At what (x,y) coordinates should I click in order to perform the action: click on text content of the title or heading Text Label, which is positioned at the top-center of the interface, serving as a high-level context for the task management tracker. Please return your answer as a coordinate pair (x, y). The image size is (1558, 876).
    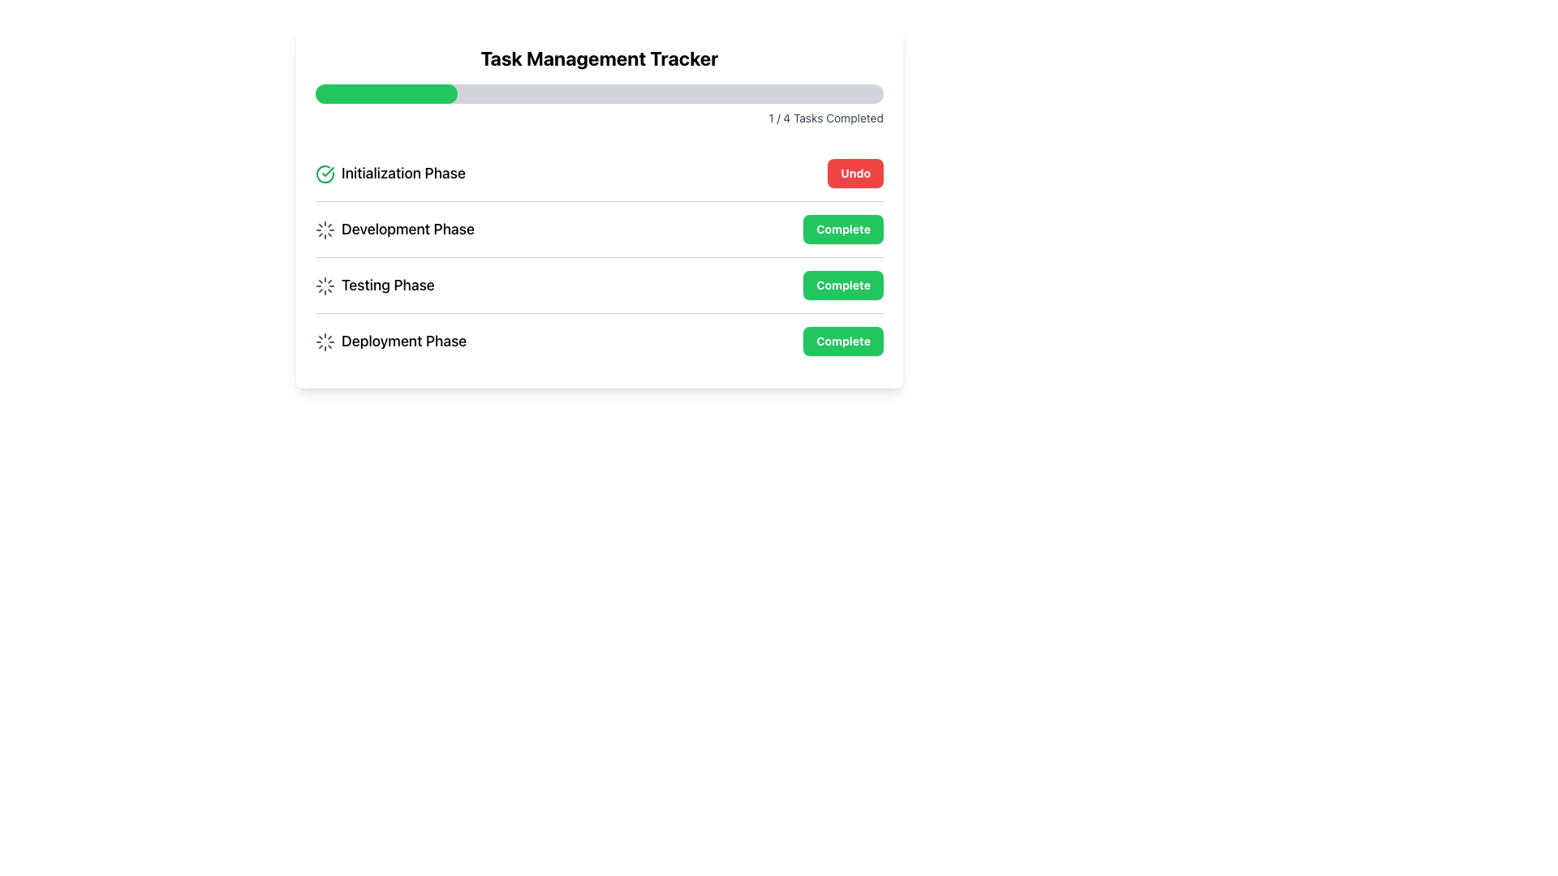
    Looking at the image, I should click on (599, 58).